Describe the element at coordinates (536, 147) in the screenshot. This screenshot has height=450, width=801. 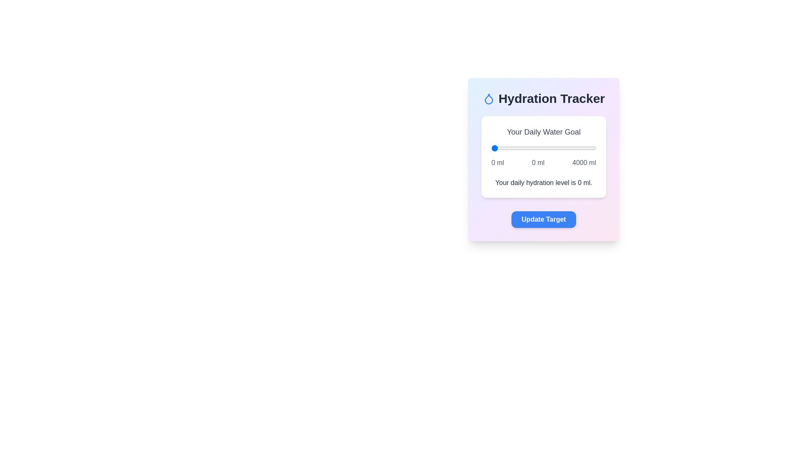
I see `the water intake slider to 1699 ml` at that location.